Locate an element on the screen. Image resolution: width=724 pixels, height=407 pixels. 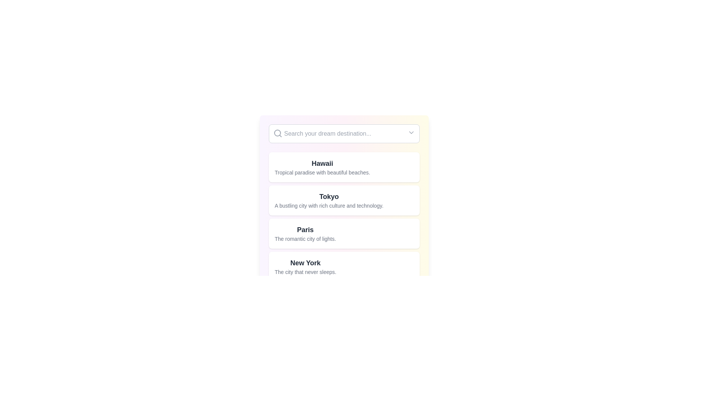
the third item in the vertical list, which represents a selectable location is located at coordinates (344, 233).